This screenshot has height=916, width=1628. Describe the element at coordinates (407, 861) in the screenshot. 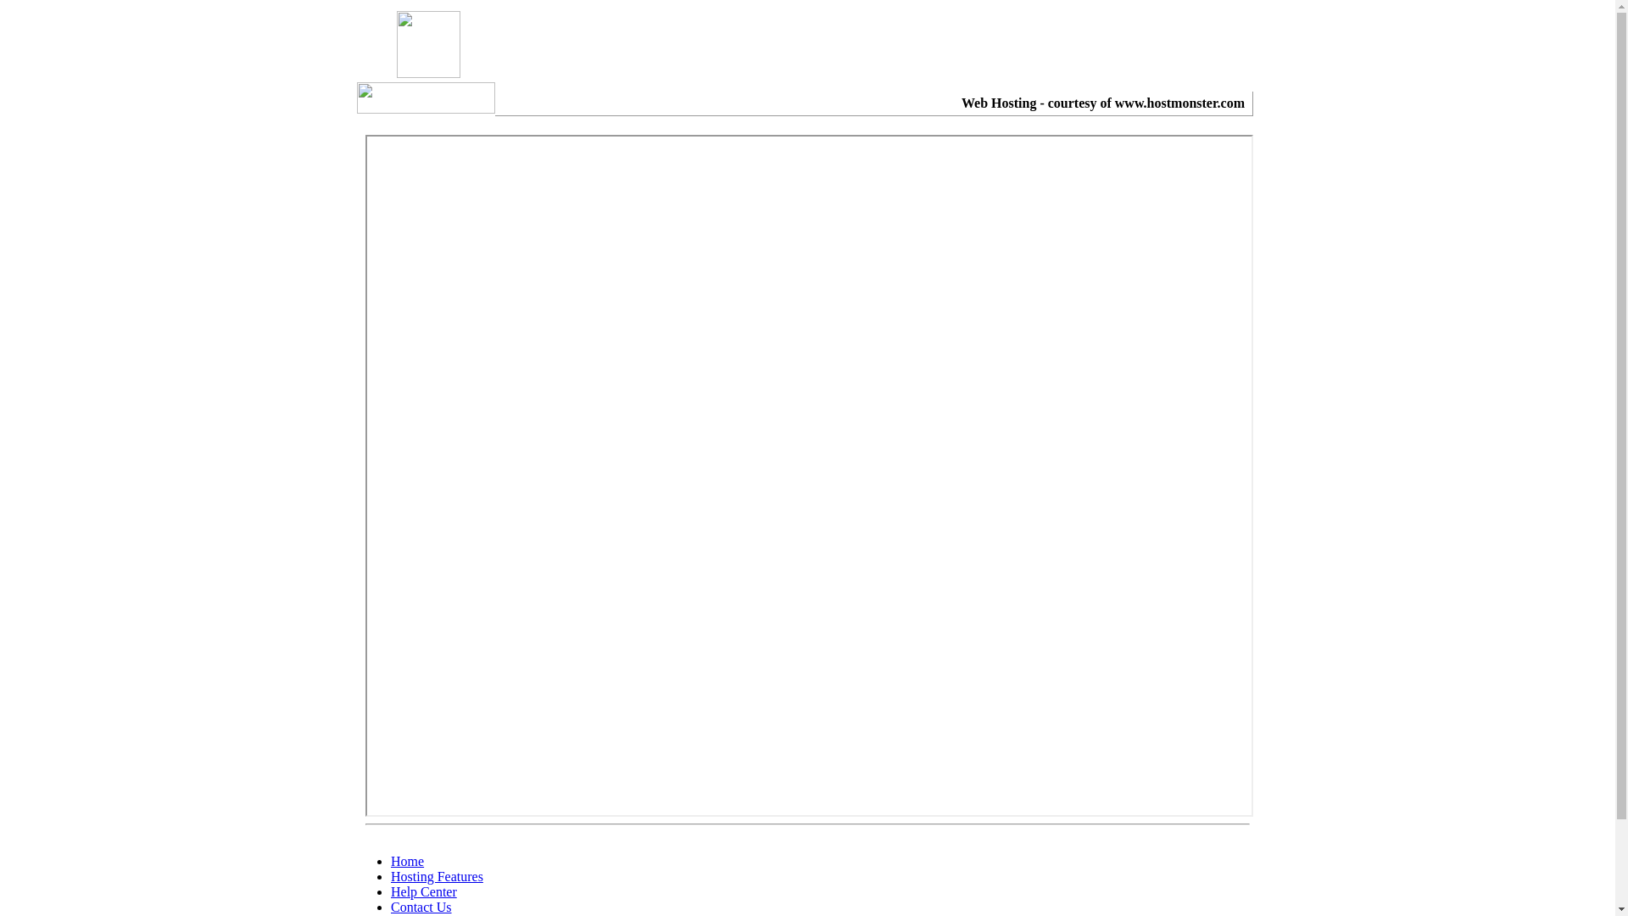

I see `'Home'` at that location.